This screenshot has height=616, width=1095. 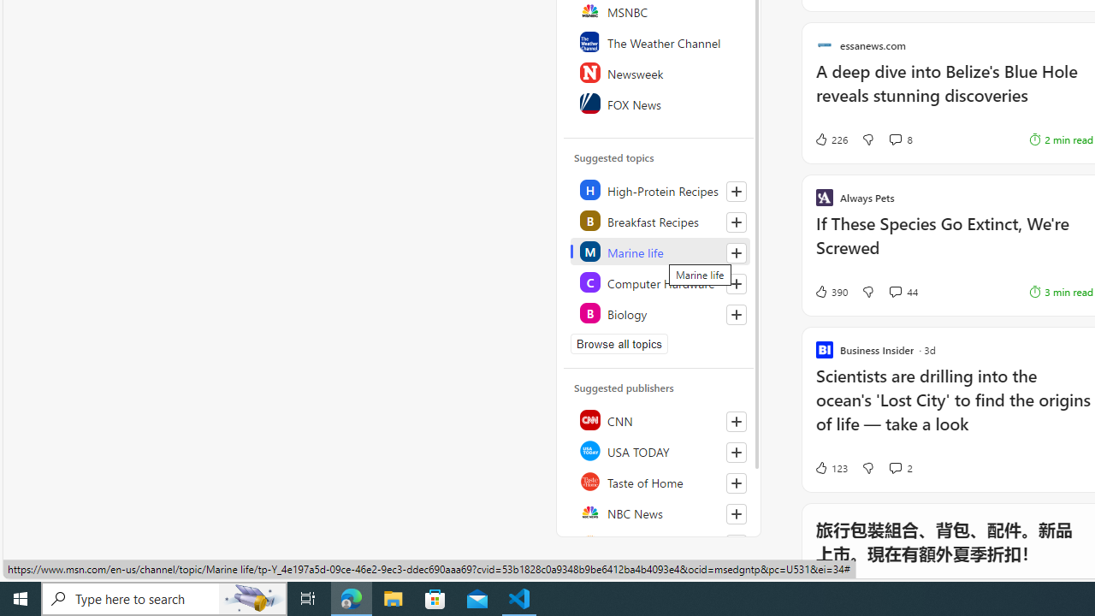 I want to click on '390 Like', so click(x=830, y=290).